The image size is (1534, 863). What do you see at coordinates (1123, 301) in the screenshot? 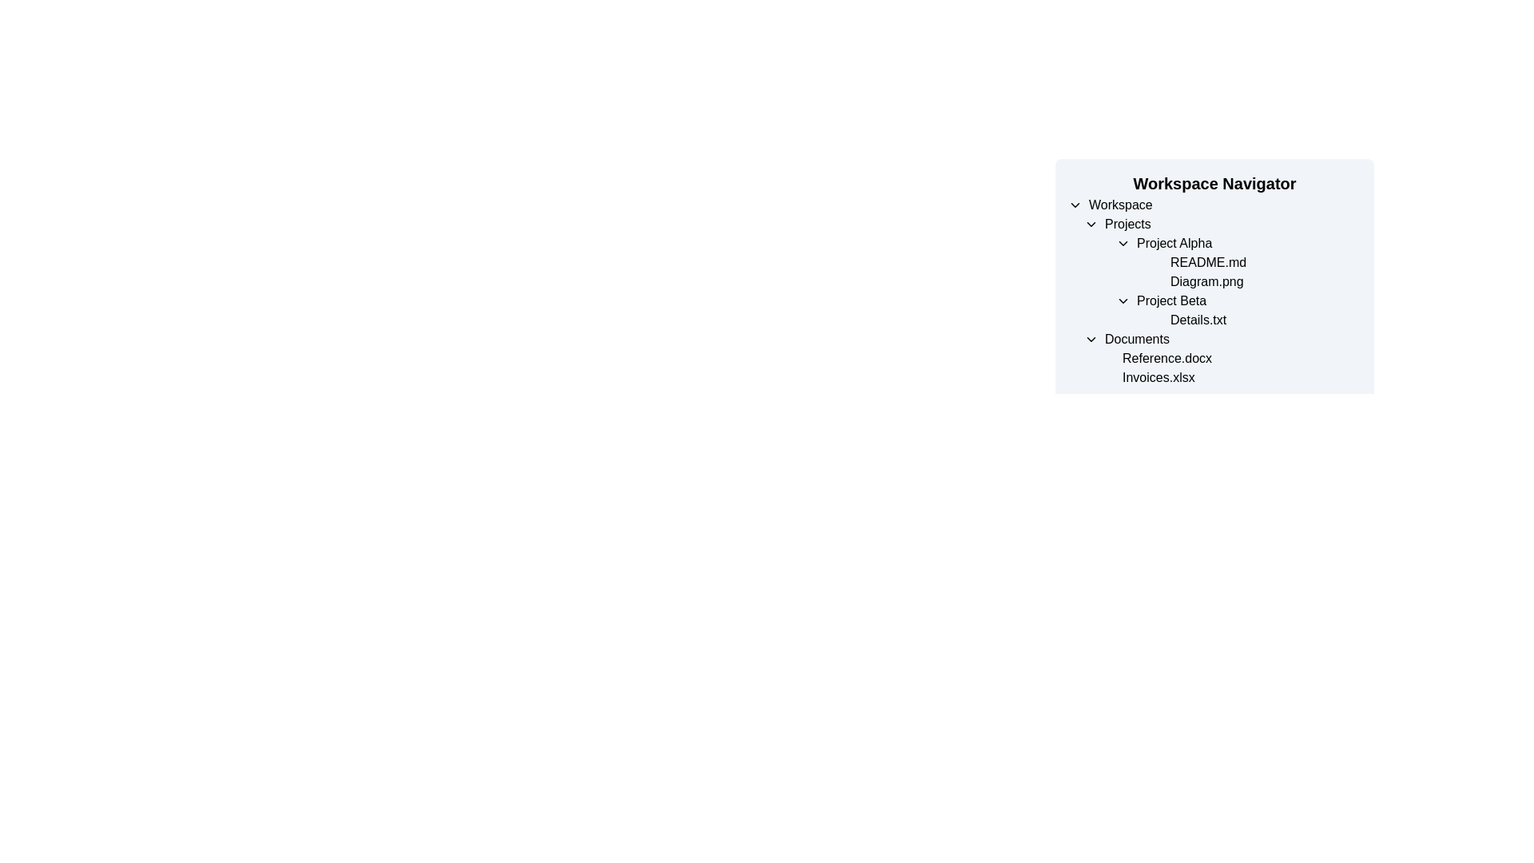
I see `the chevron icon located to the left of the 'Project Beta' label` at bounding box center [1123, 301].